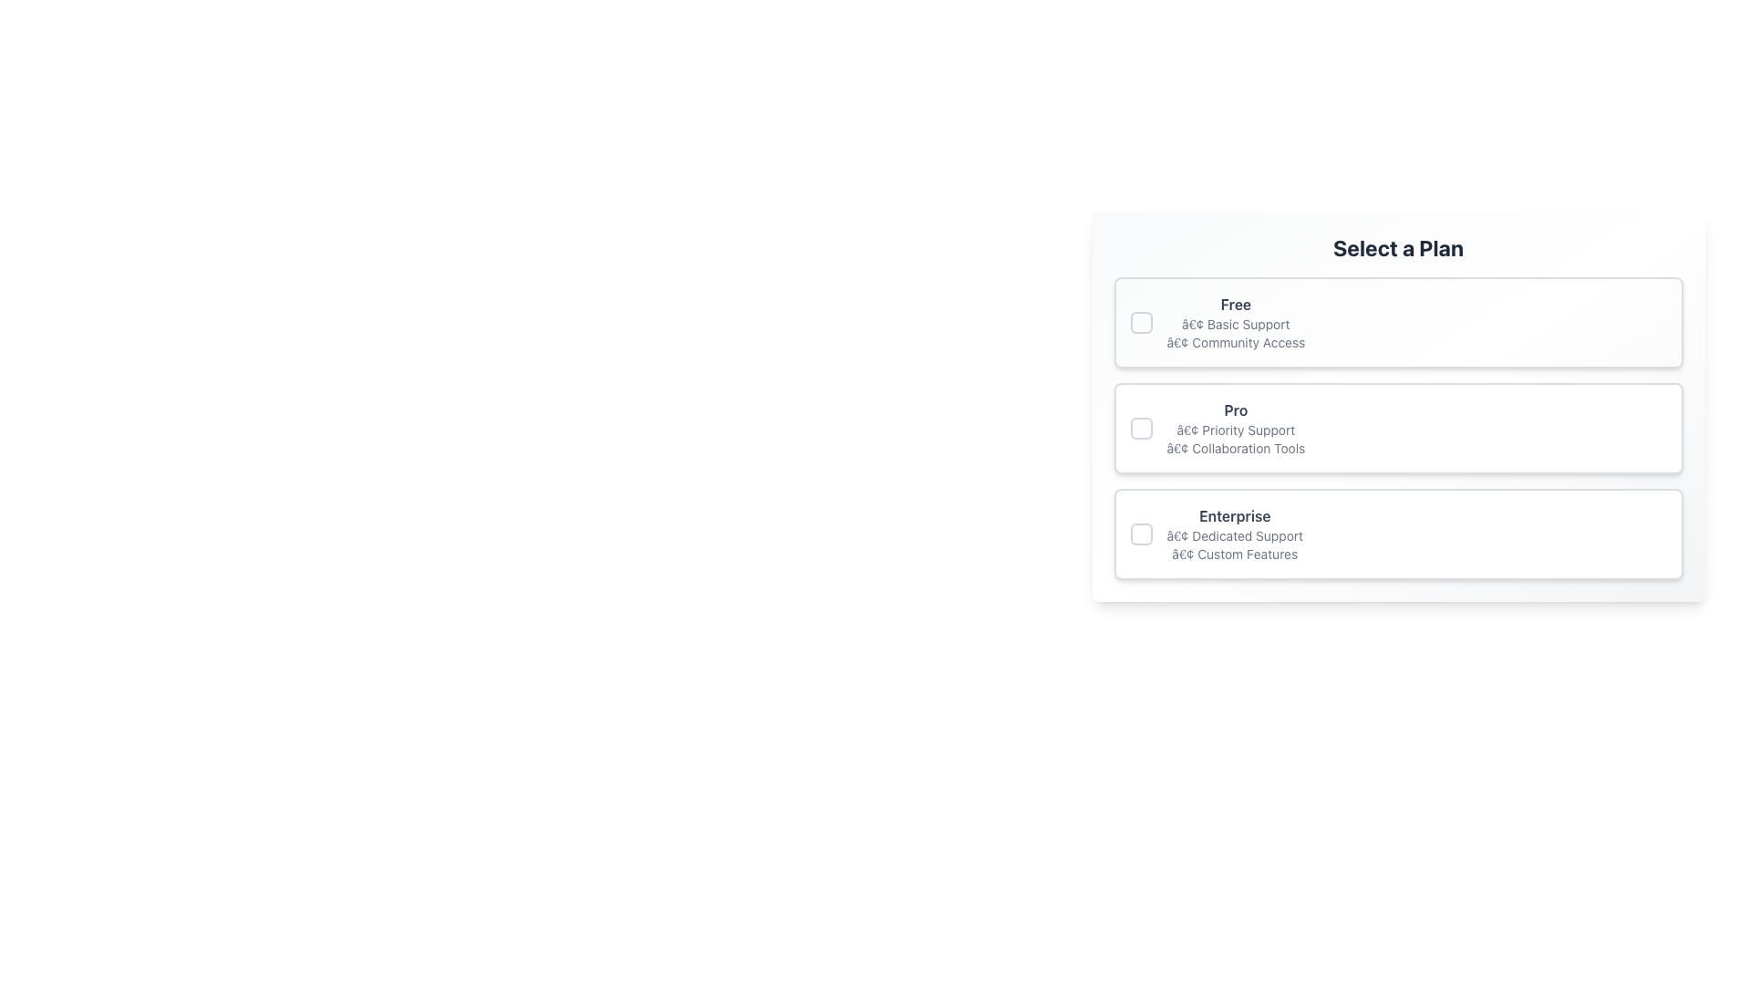  Describe the element at coordinates (1236, 429) in the screenshot. I see `the text block displaying the 'Pro' subscription plan details, located in the second option card of the subscription selection menu` at that location.